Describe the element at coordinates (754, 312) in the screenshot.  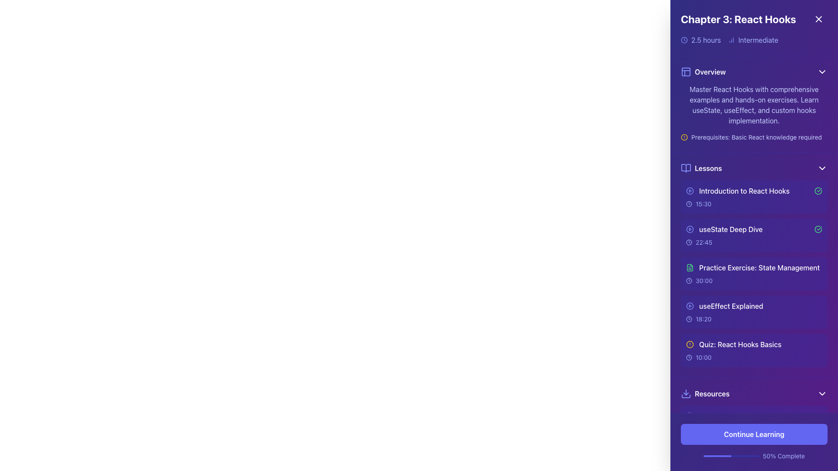
I see `the lesson item titled 'useEffect Explained' in the sidebar` at that location.